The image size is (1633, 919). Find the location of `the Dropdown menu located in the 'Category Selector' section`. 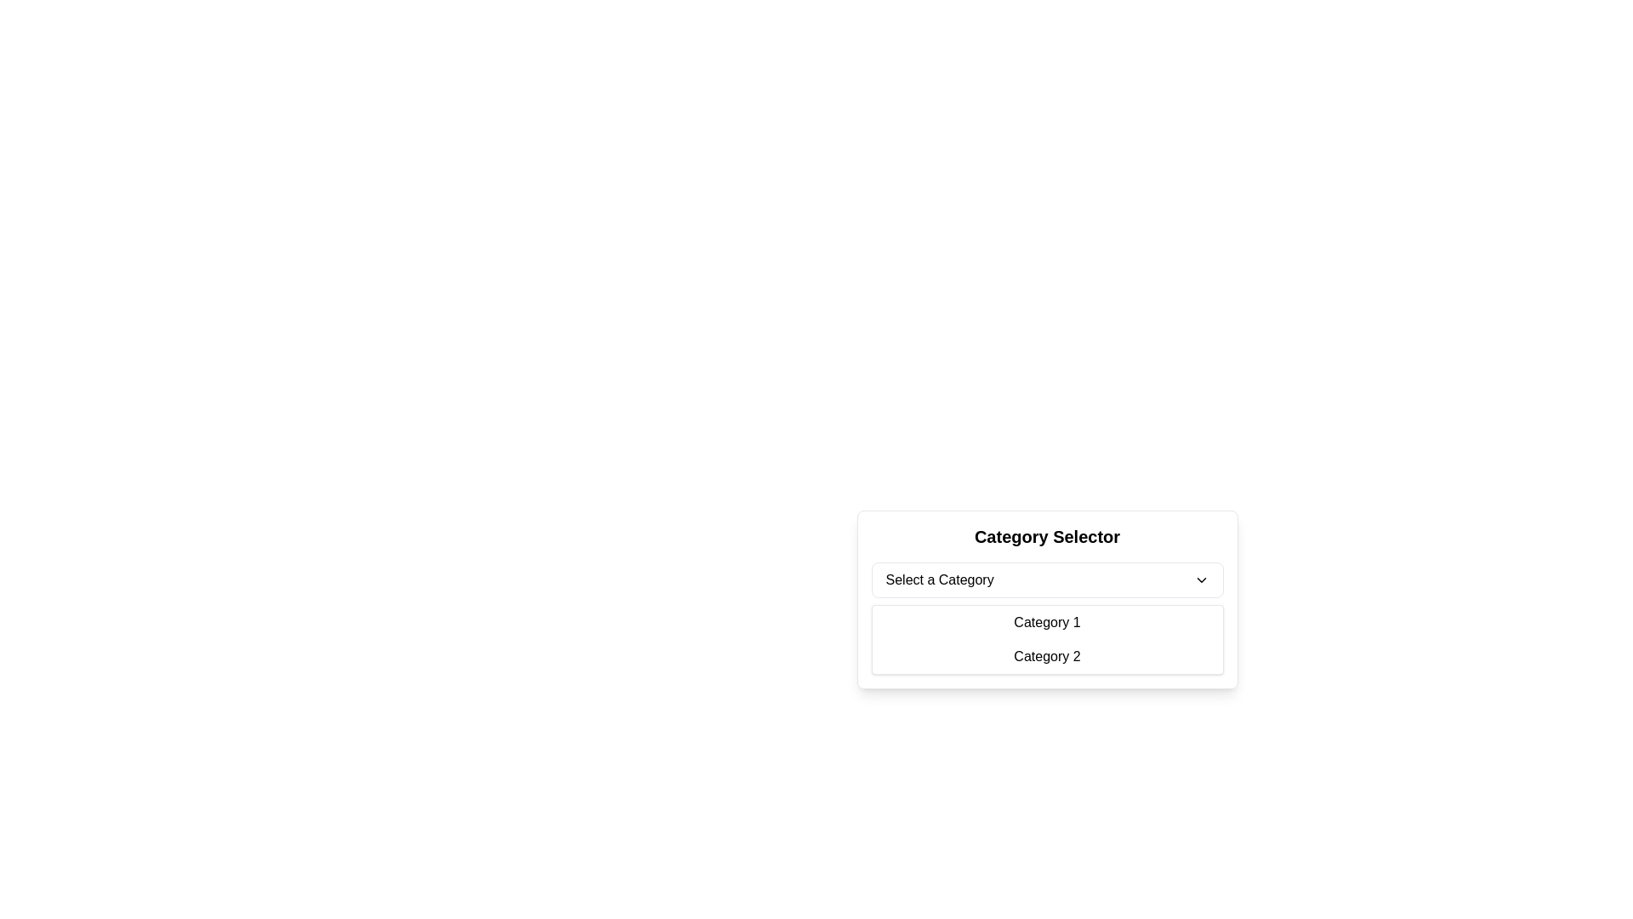

the Dropdown menu located in the 'Category Selector' section is located at coordinates (1046, 579).